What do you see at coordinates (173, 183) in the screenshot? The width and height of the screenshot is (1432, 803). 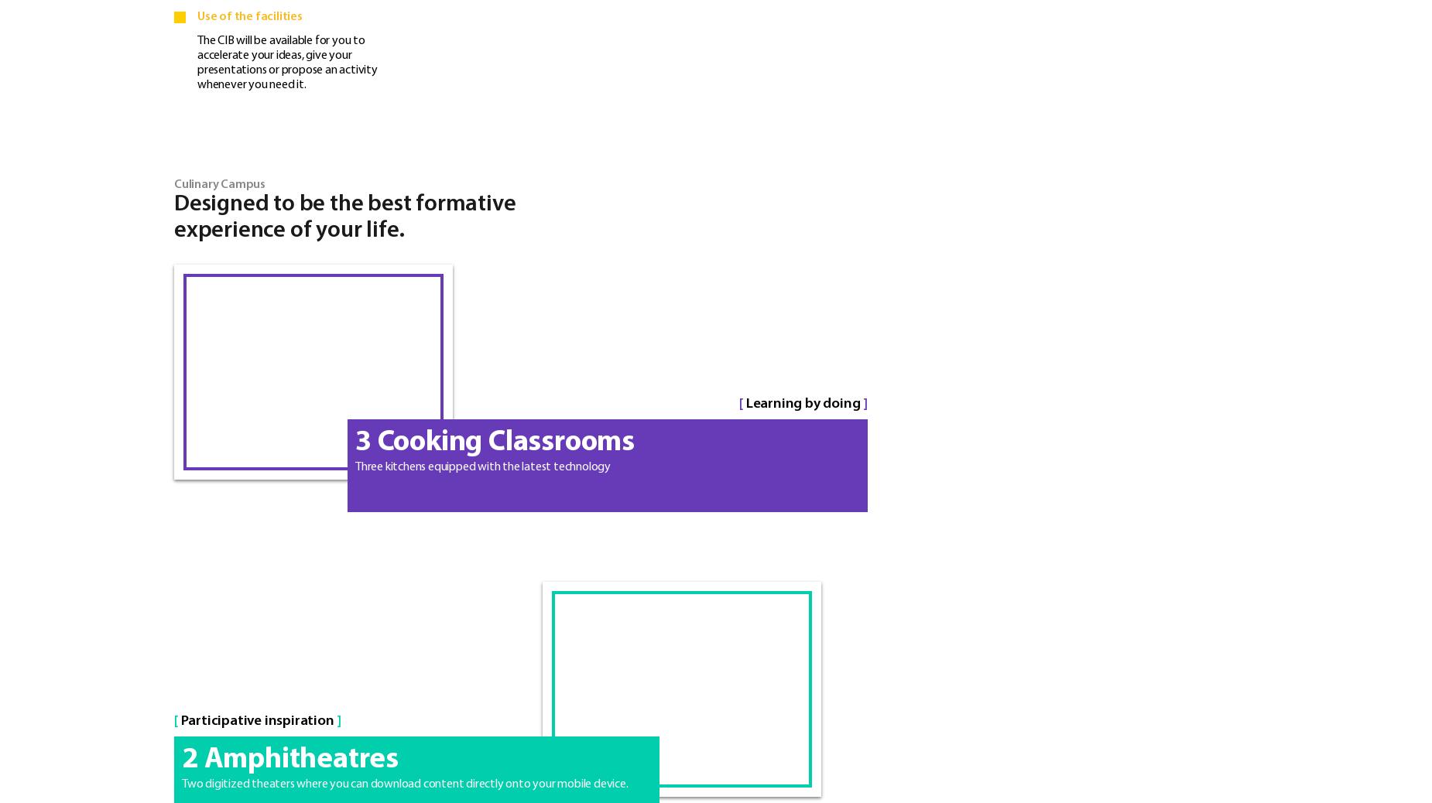 I see `'Culinary Campus'` at bounding box center [173, 183].